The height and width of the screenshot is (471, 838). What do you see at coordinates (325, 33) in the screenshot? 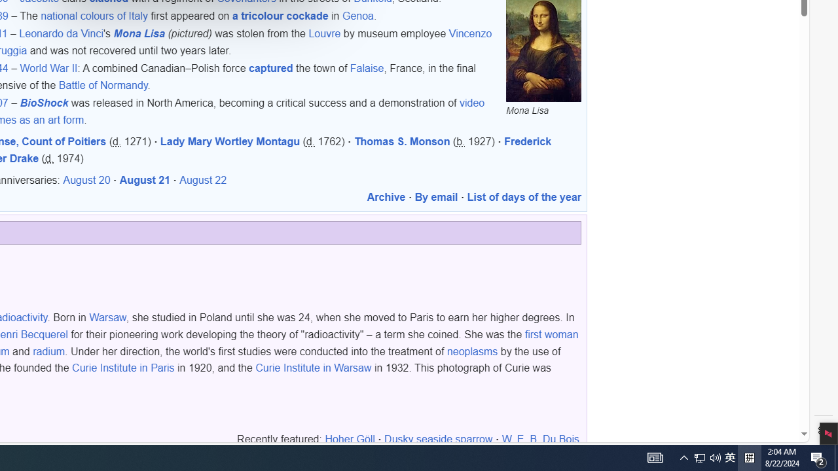
I see `'Louvre'` at bounding box center [325, 33].